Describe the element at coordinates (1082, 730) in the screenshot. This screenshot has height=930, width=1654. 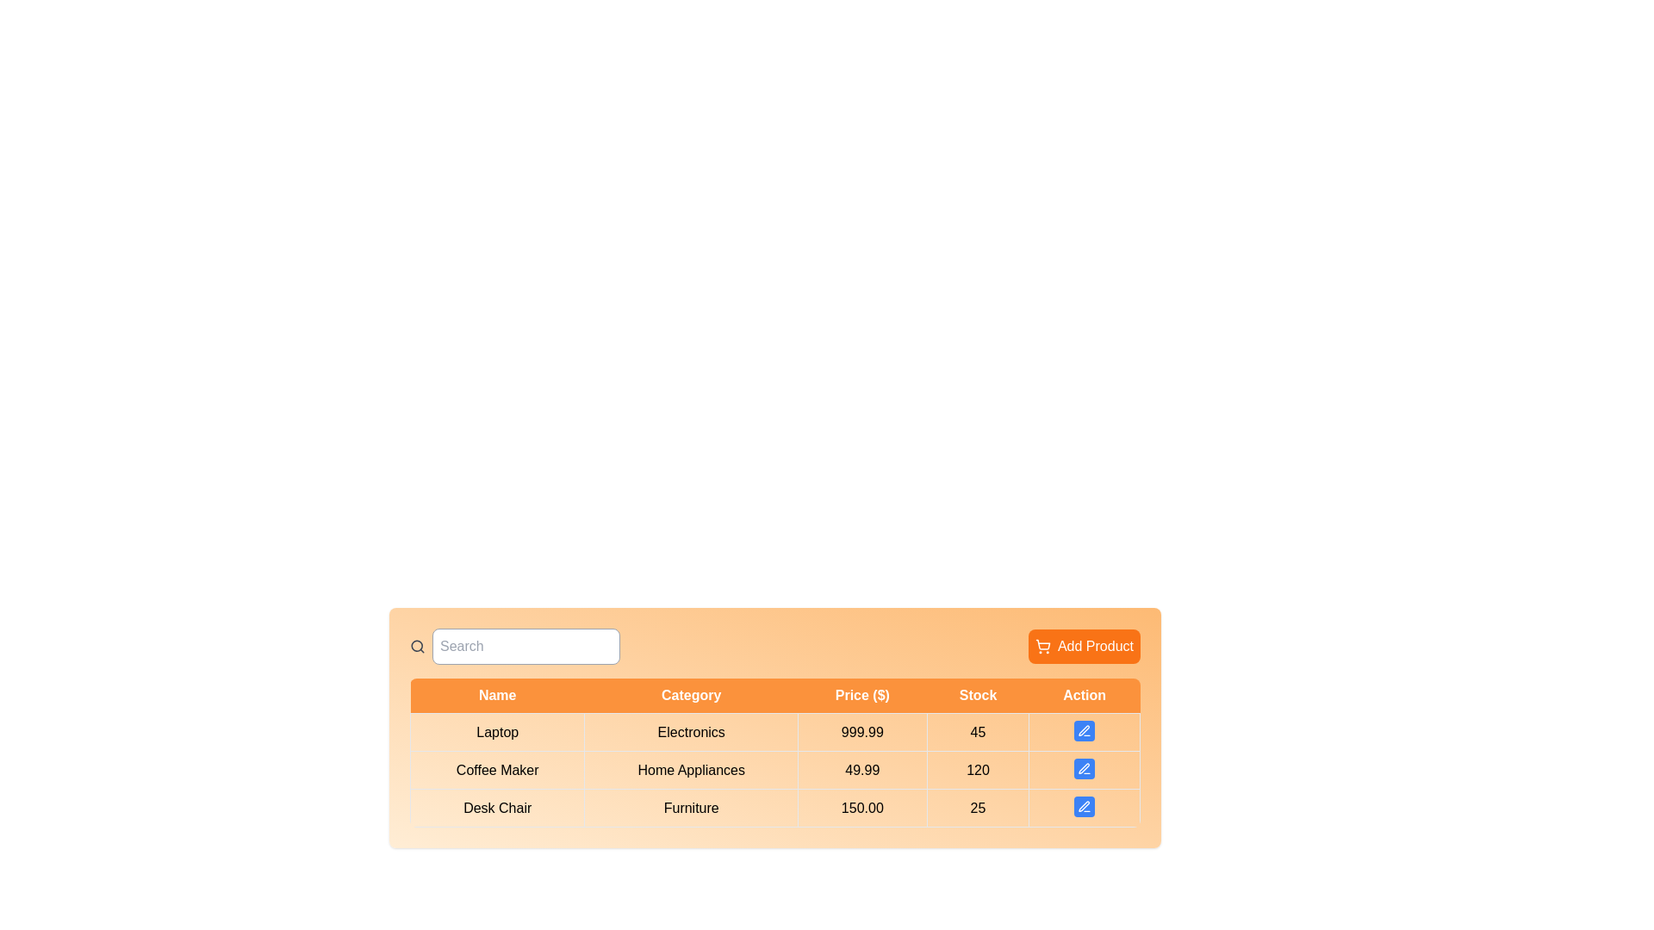
I see `the stylized pen tip icon in the 'Action' column of the product table` at that location.